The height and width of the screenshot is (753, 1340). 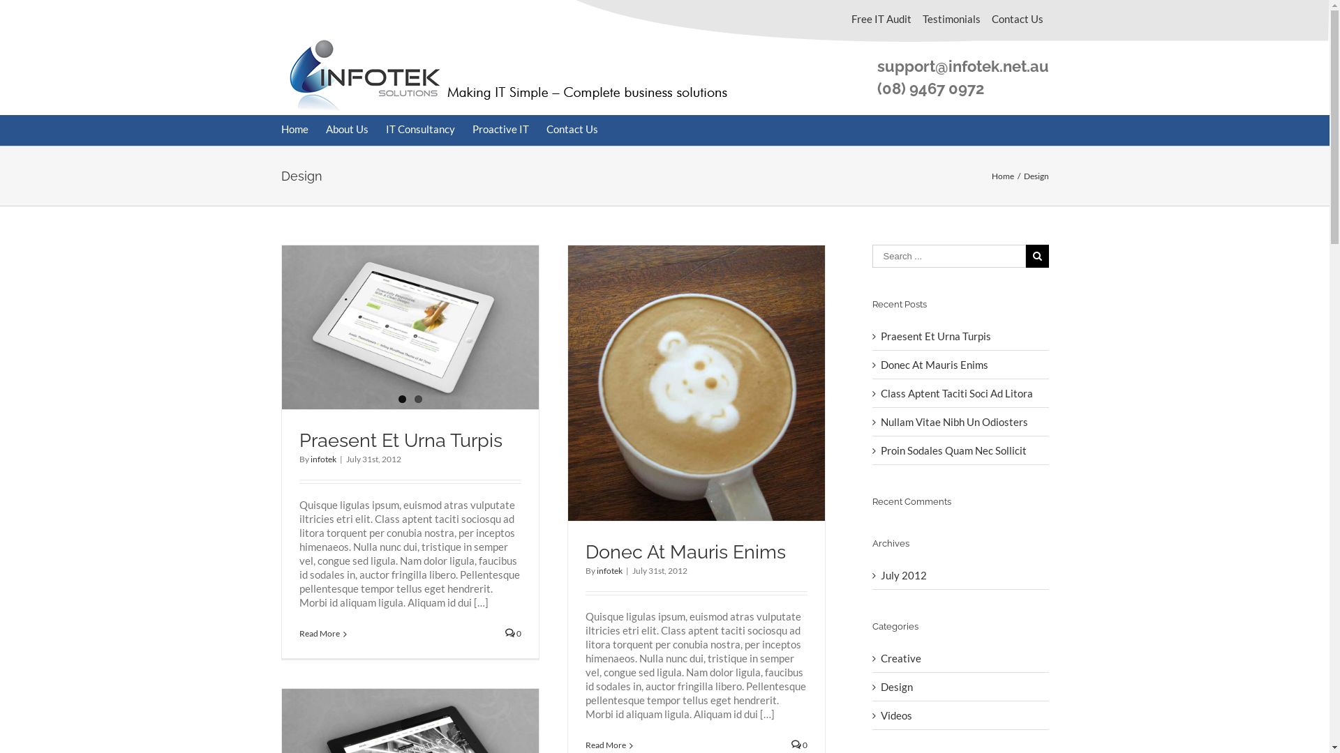 What do you see at coordinates (500, 130) in the screenshot?
I see `'Proactive IT'` at bounding box center [500, 130].